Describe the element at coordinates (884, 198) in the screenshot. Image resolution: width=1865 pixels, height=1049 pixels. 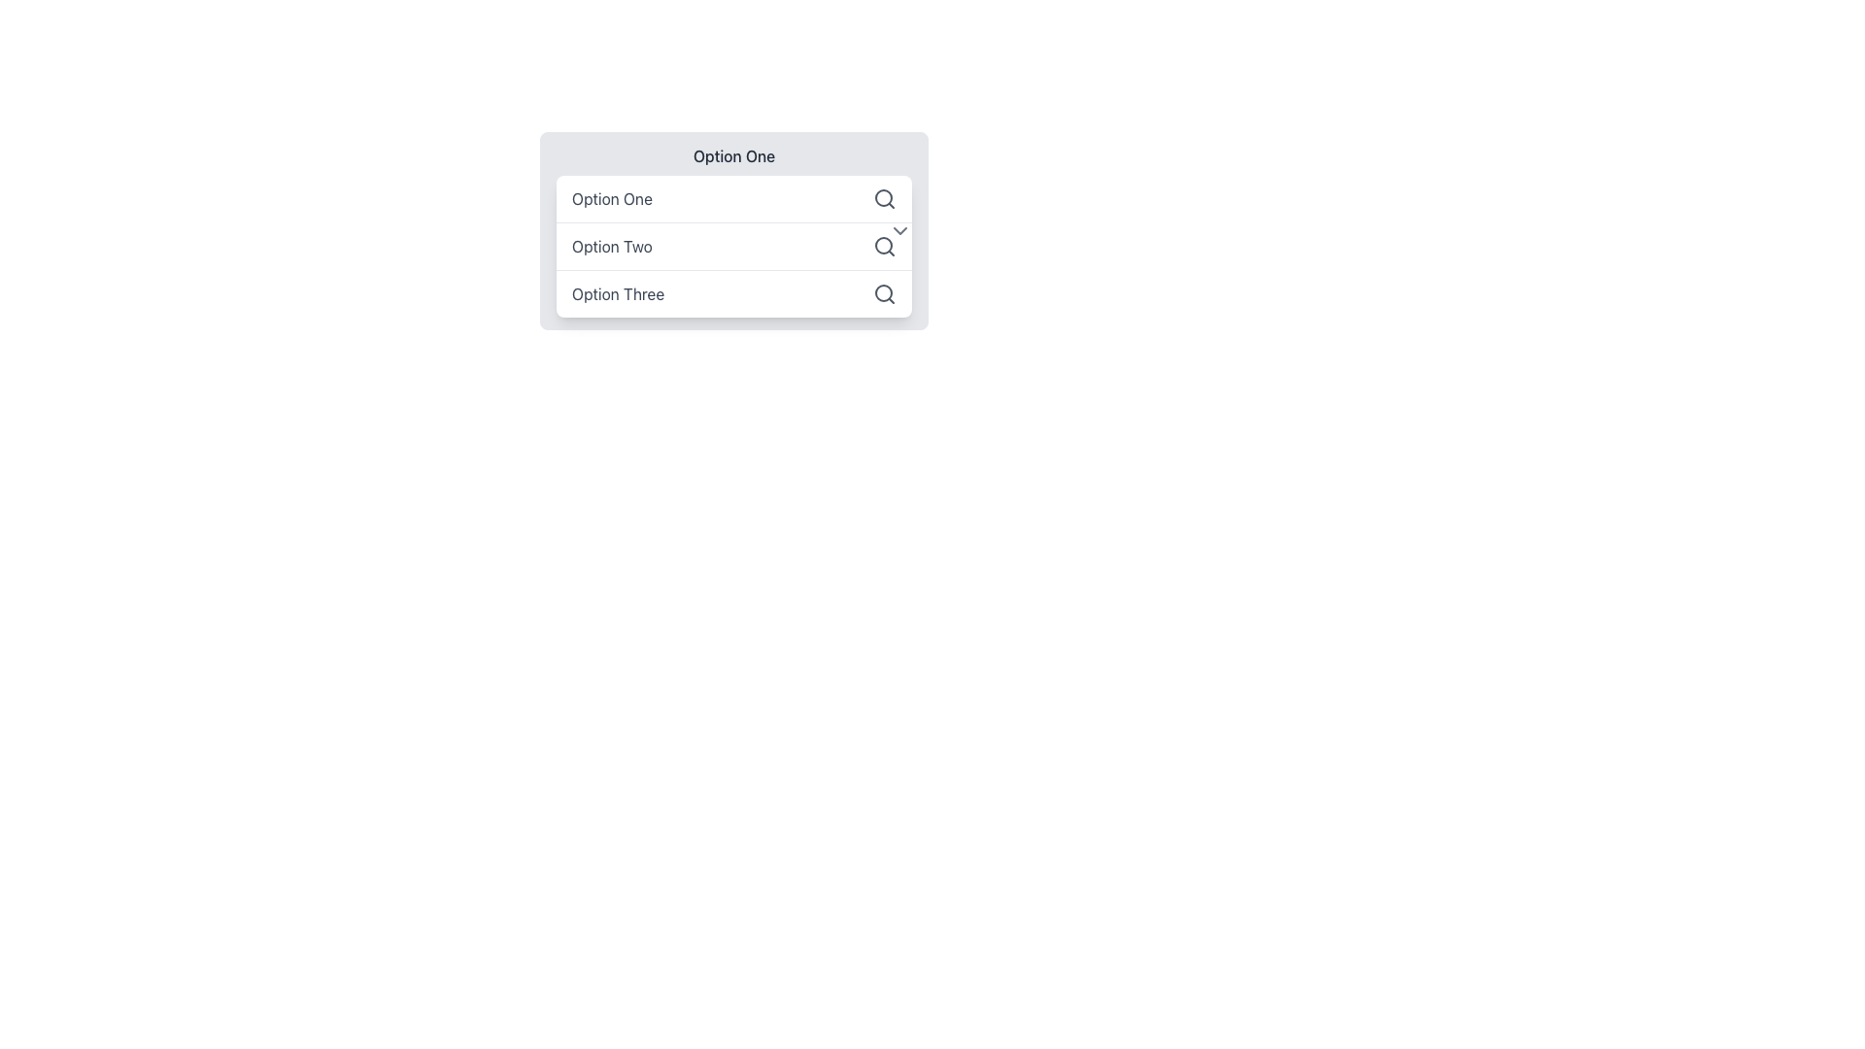
I see `the magnifying glass icon located on the right side of the 'Option One' text` at that location.